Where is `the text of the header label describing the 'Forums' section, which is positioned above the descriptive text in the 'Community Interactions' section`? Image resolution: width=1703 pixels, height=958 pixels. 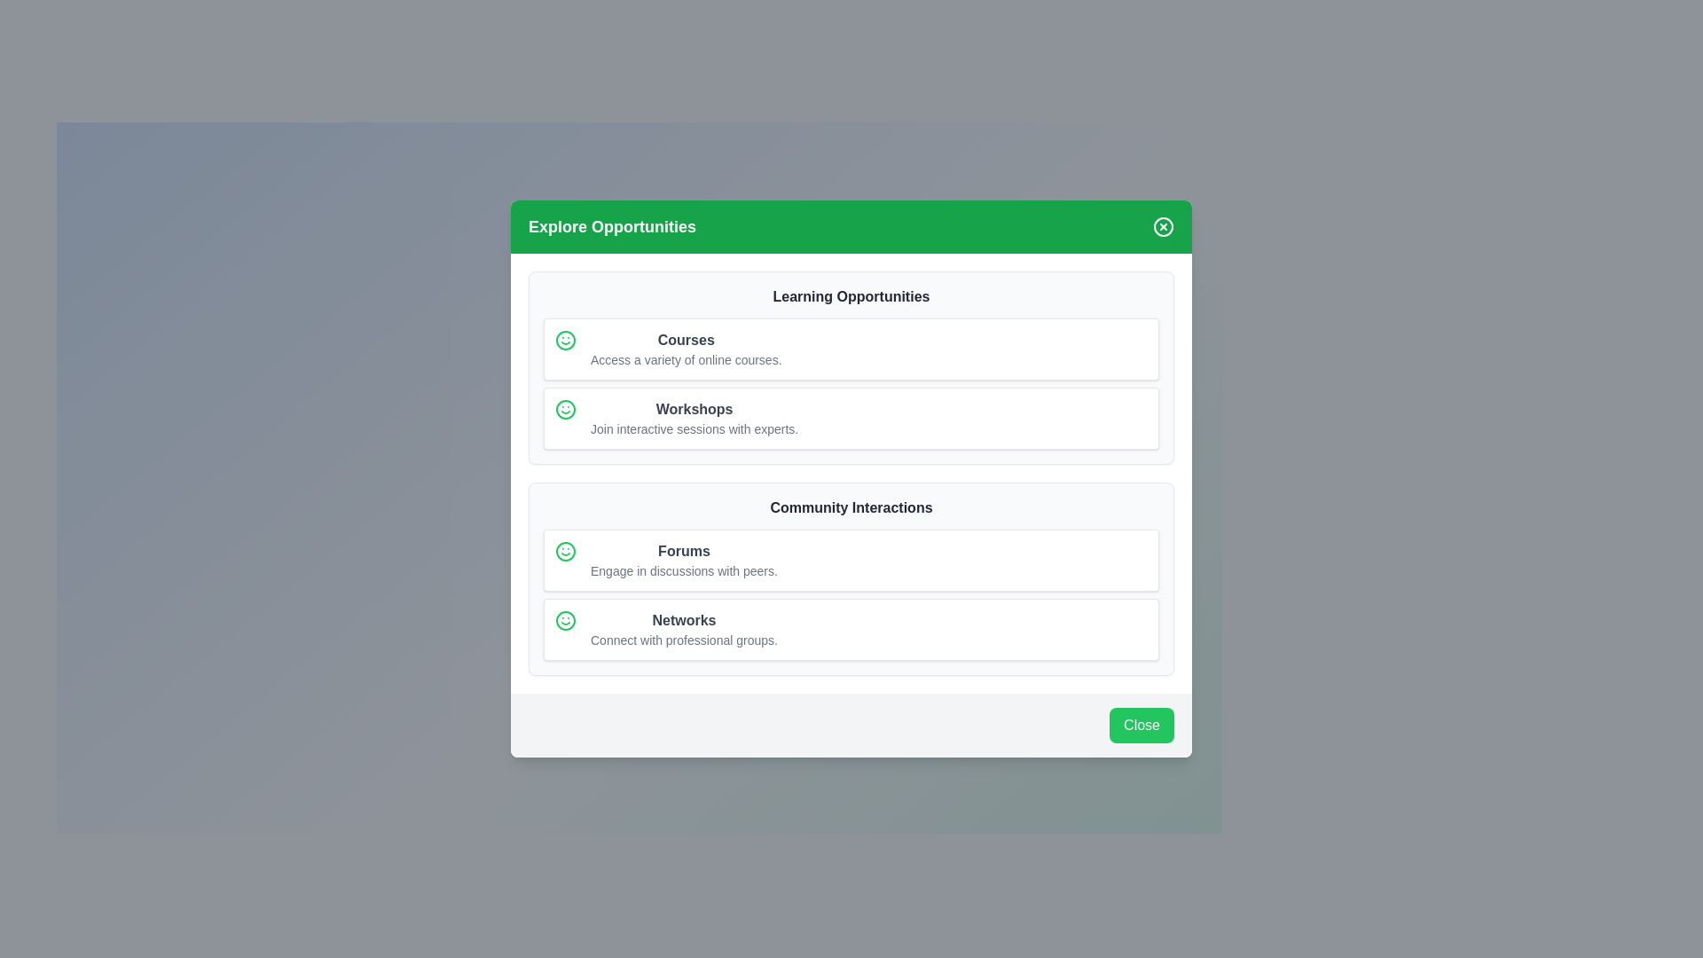 the text of the header label describing the 'Forums' section, which is positioned above the descriptive text in the 'Community Interactions' section is located at coordinates (683, 550).